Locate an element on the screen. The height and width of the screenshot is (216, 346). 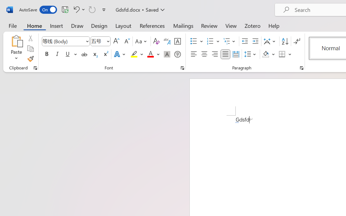
'Sort...' is located at coordinates (285, 41).